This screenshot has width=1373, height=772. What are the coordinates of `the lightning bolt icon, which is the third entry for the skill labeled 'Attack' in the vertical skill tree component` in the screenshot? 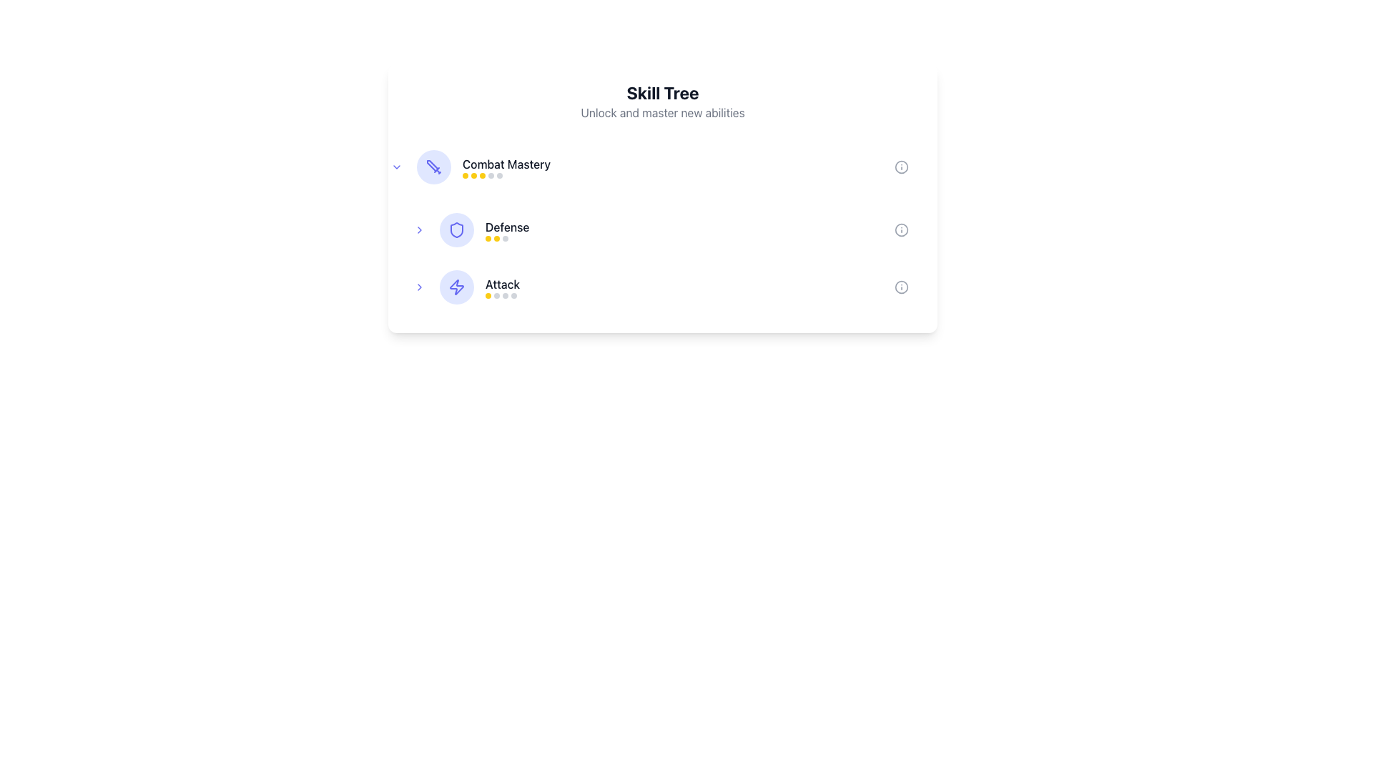 It's located at (456, 287).